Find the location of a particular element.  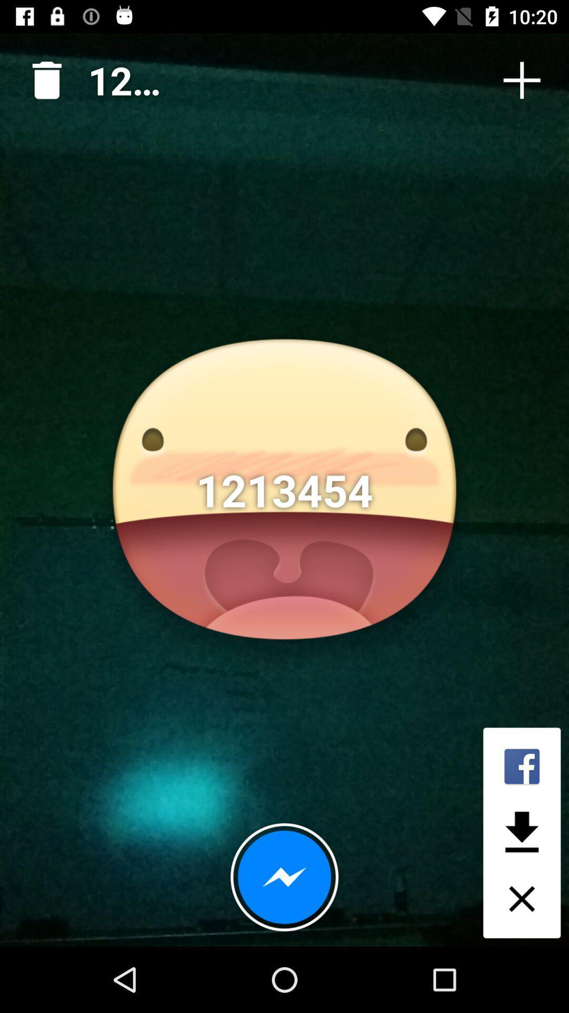

the close icon is located at coordinates (522, 899).